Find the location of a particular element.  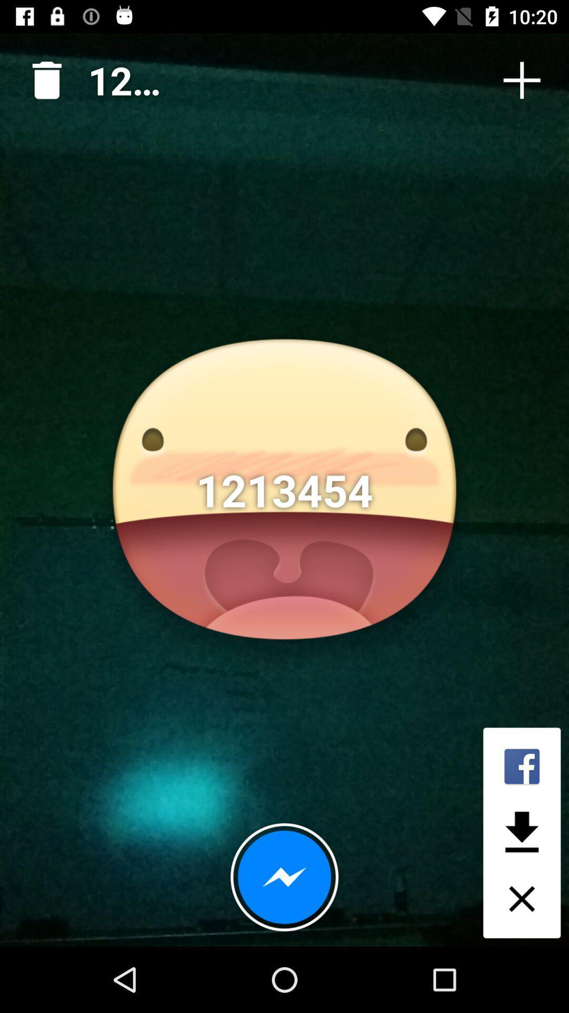

the close icon is located at coordinates (522, 899).